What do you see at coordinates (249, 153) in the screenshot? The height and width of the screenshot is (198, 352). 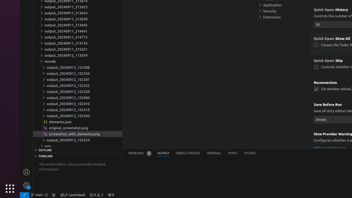 I see `'GitLens'` at bounding box center [249, 153].